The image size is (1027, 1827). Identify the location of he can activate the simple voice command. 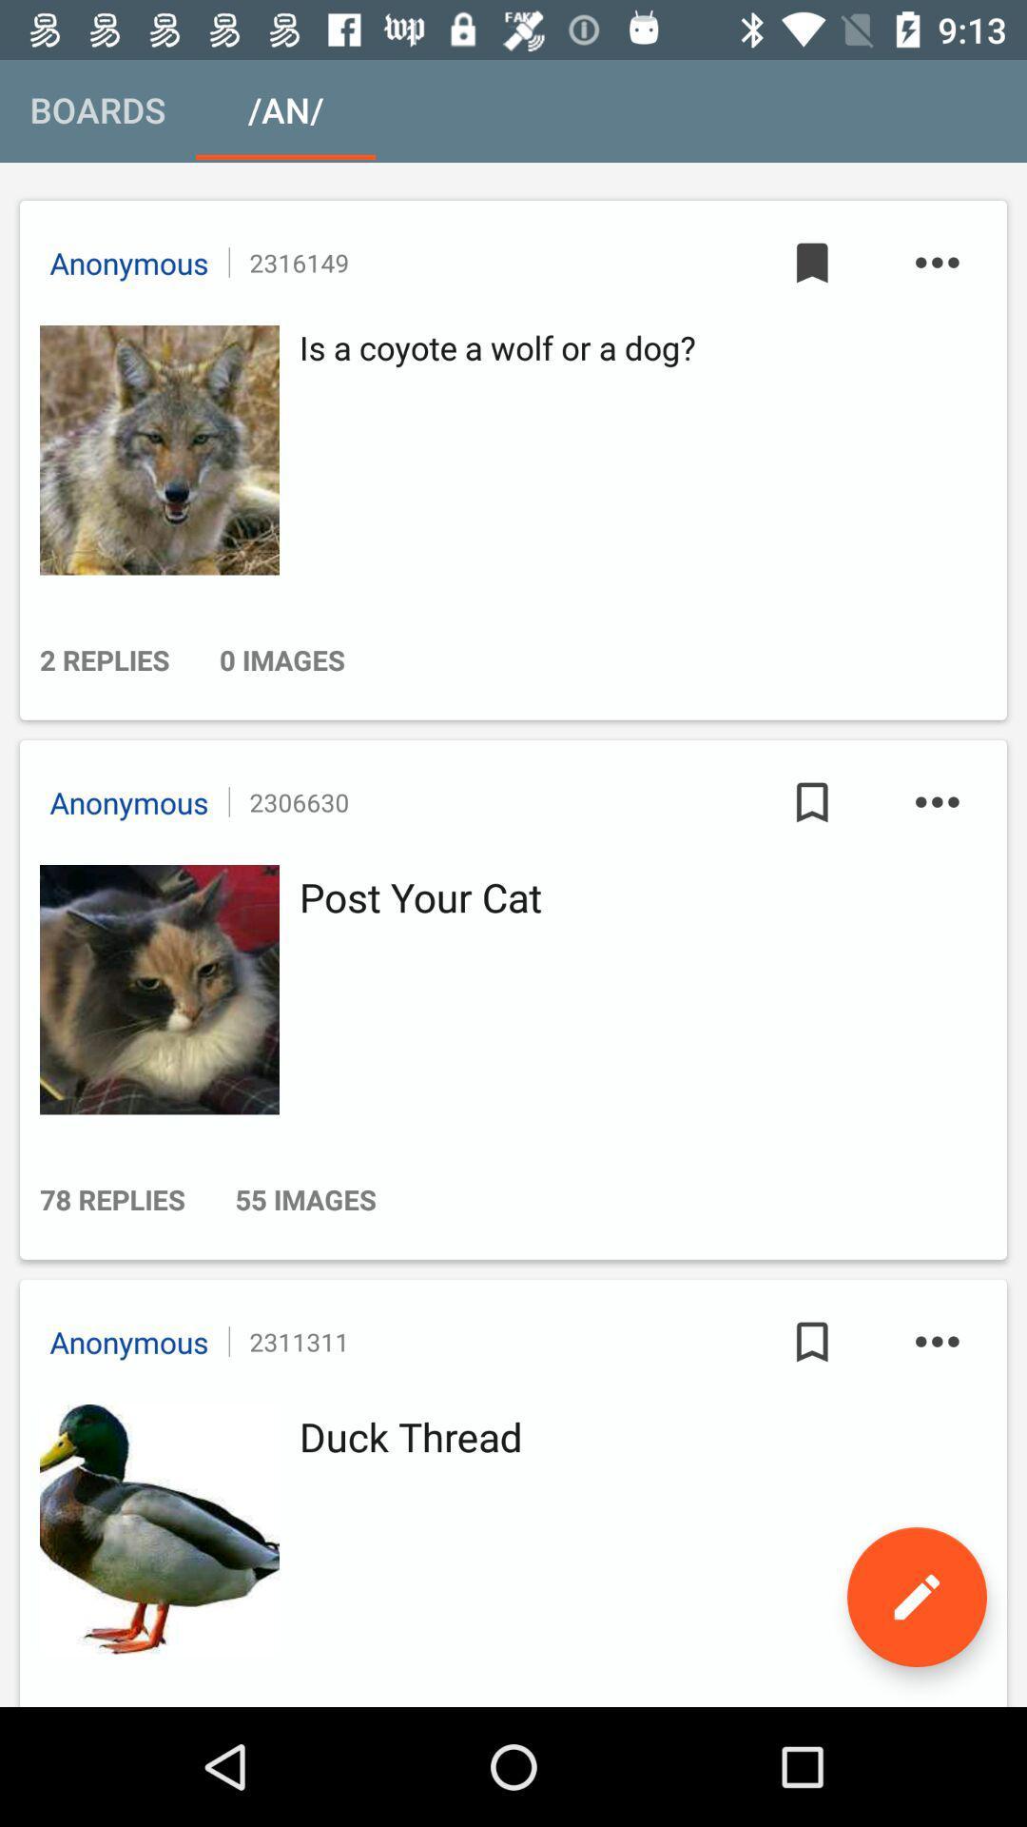
(153, 1529).